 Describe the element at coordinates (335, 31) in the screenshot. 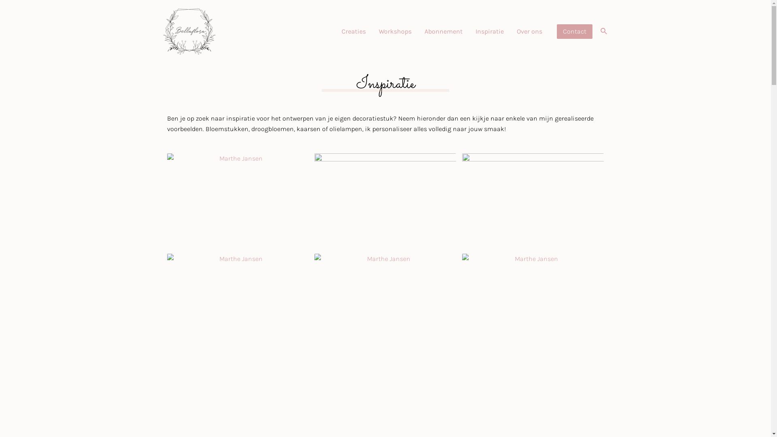

I see `'Creaties'` at that location.